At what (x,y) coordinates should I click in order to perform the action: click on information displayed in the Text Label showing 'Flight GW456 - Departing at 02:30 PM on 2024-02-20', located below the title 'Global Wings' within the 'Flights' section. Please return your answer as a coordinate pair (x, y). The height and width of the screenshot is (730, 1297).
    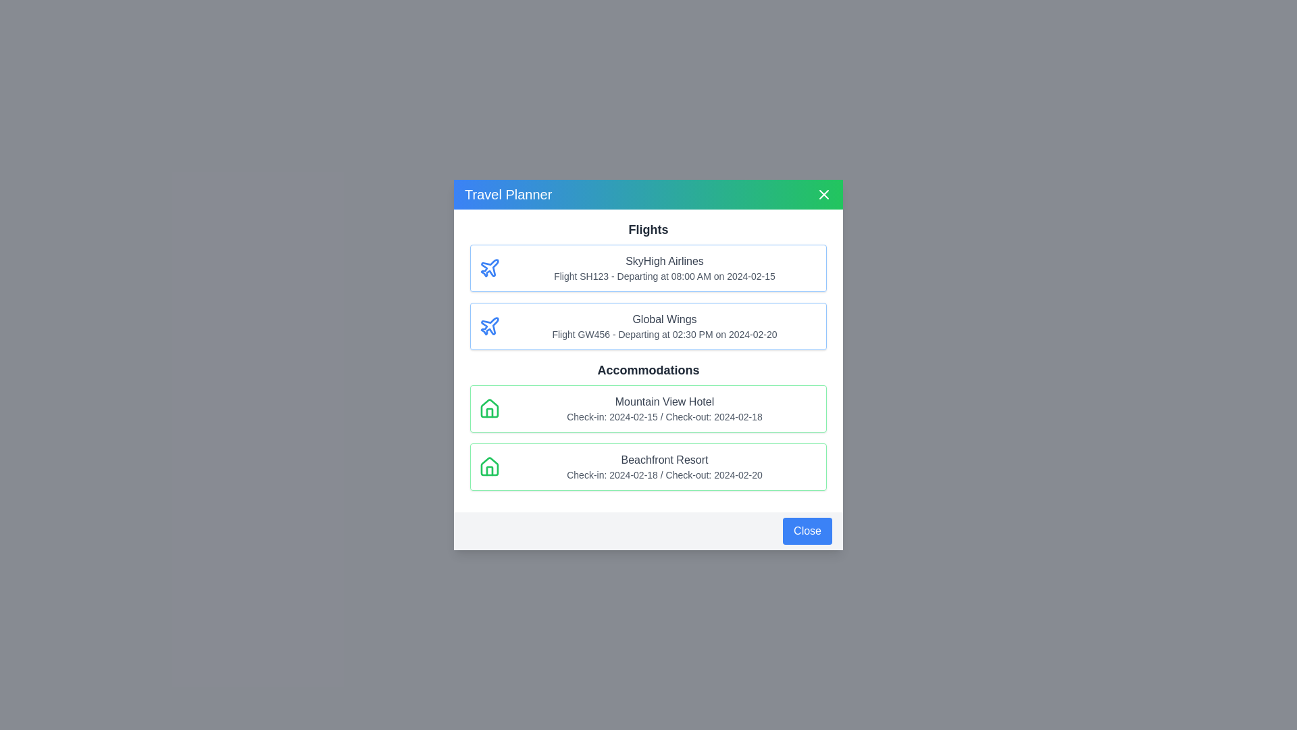
    Looking at the image, I should click on (664, 334).